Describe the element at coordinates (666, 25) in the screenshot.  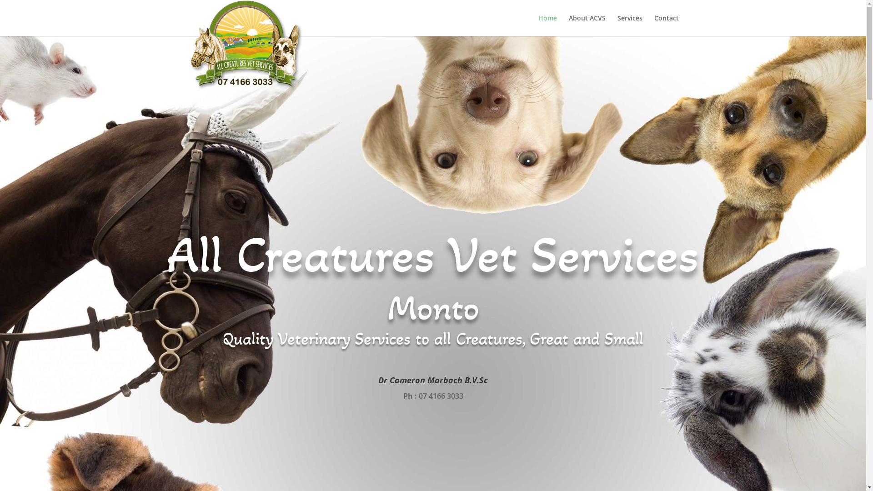
I see `'Contact'` at that location.